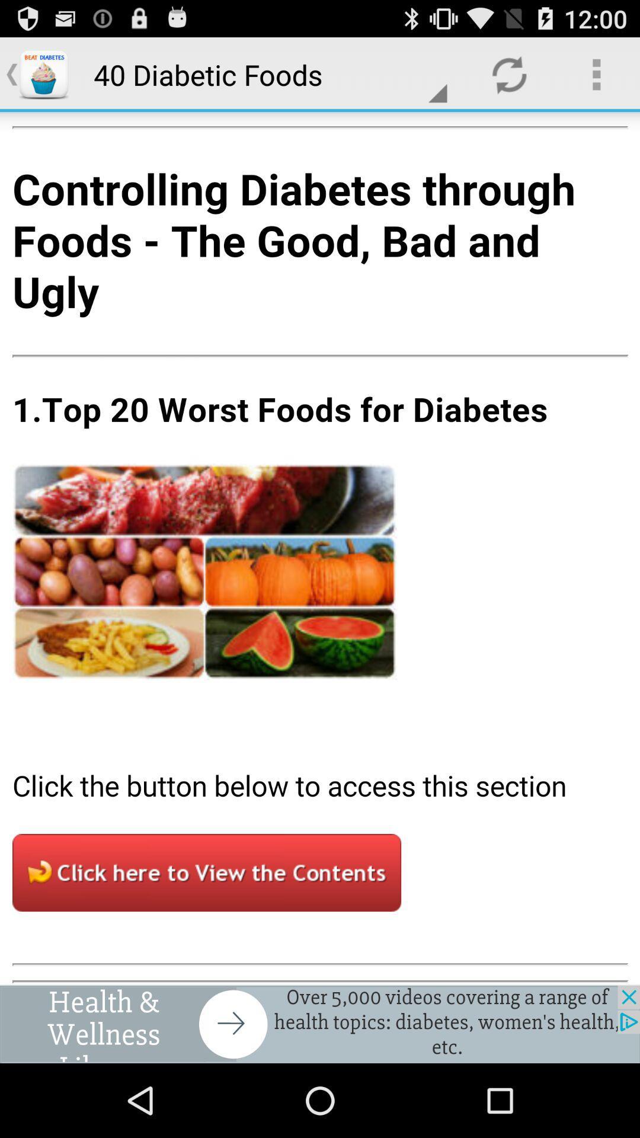 The image size is (640, 1138). Describe the element at coordinates (320, 548) in the screenshot. I see `item description` at that location.